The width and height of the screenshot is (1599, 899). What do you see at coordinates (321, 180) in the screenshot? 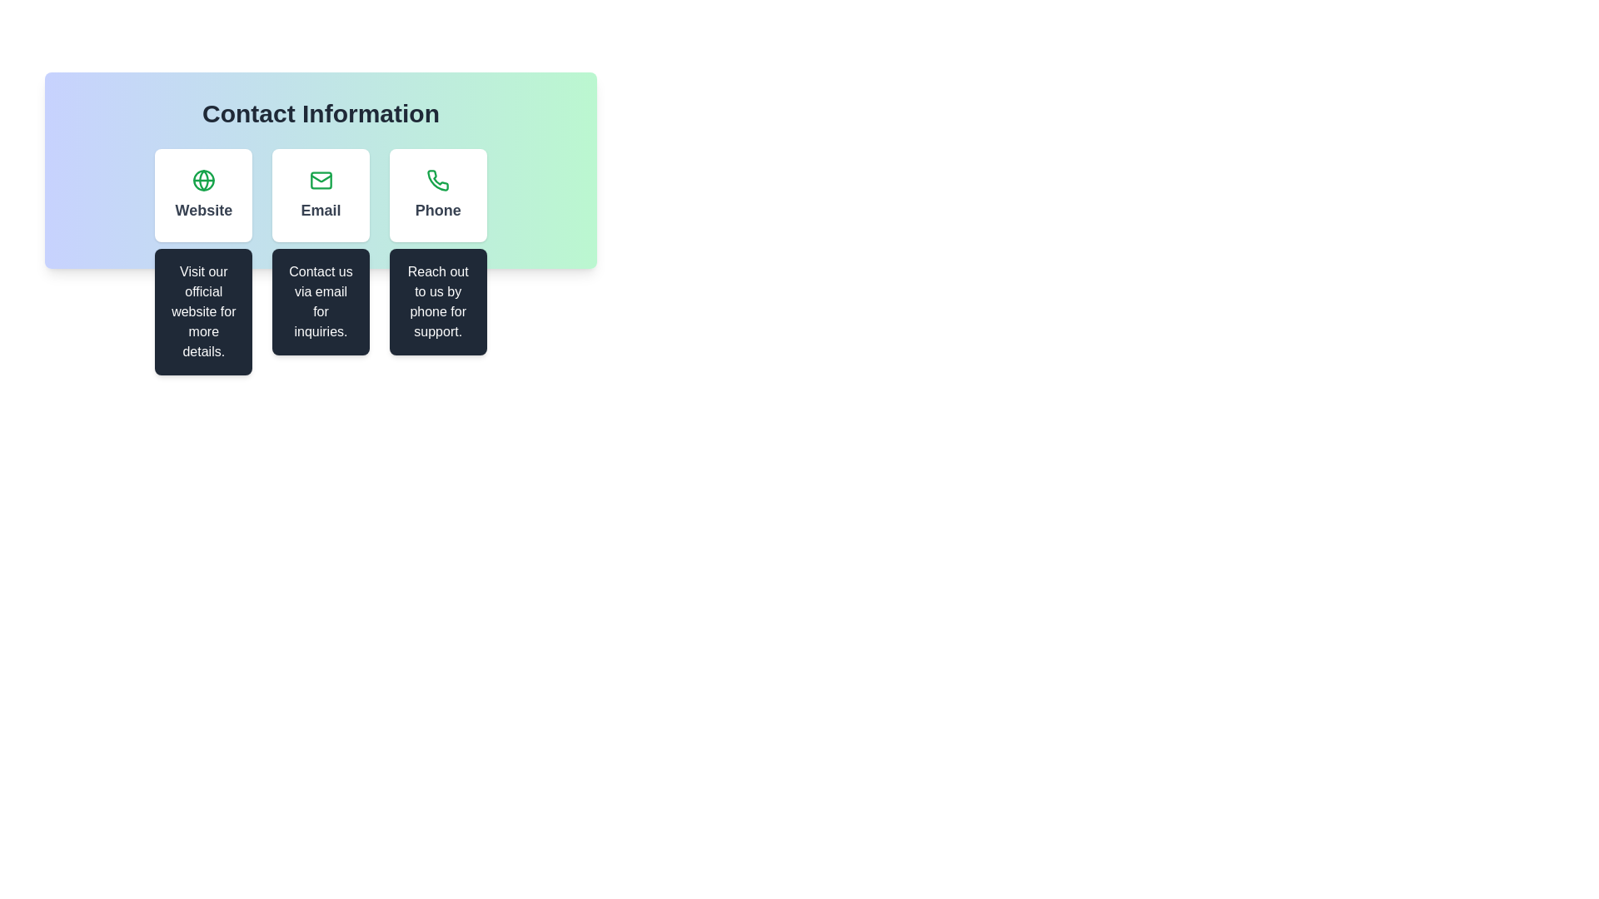
I see `the green envelope icon located in the center of the 'Email' contact block, which is under the 'Contact Information' header` at bounding box center [321, 180].